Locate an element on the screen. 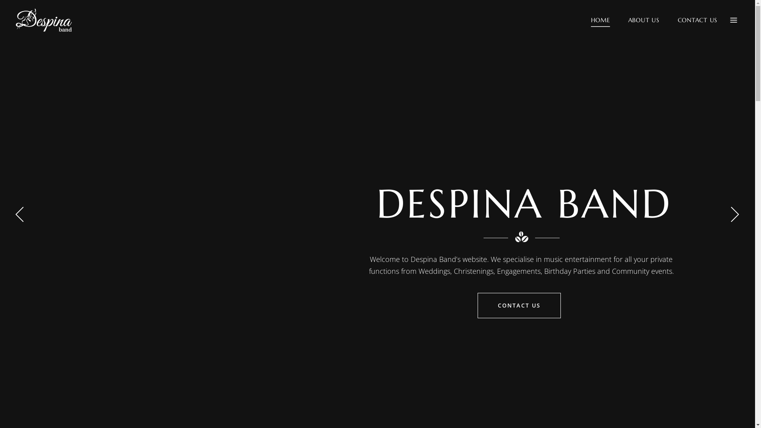 The image size is (761, 428). 'CONTACT US' is located at coordinates (519, 305).